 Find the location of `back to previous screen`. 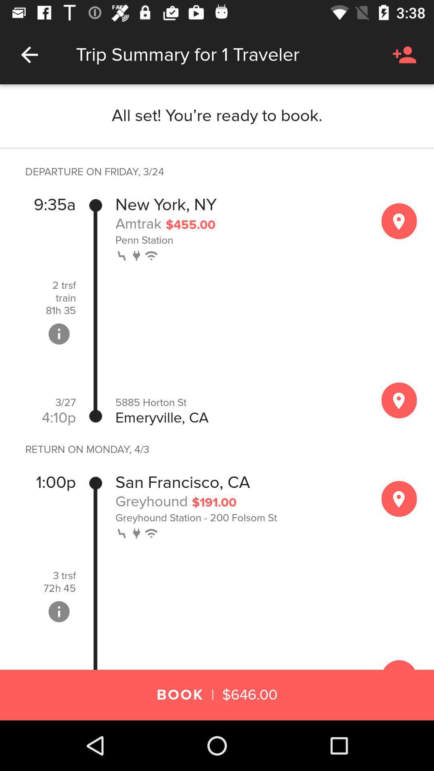

back to previous screen is located at coordinates (29, 54).